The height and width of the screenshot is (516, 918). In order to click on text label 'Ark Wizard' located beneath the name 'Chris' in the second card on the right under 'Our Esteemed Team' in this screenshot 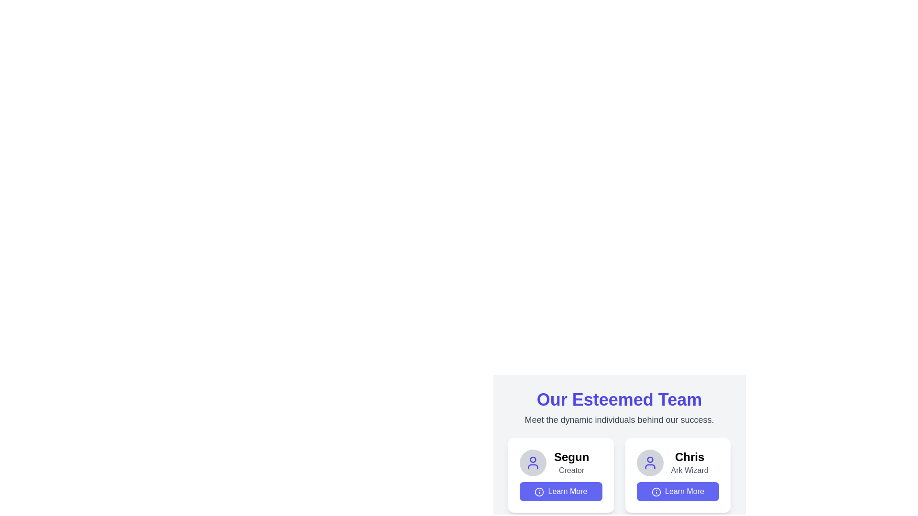, I will do `click(689, 470)`.